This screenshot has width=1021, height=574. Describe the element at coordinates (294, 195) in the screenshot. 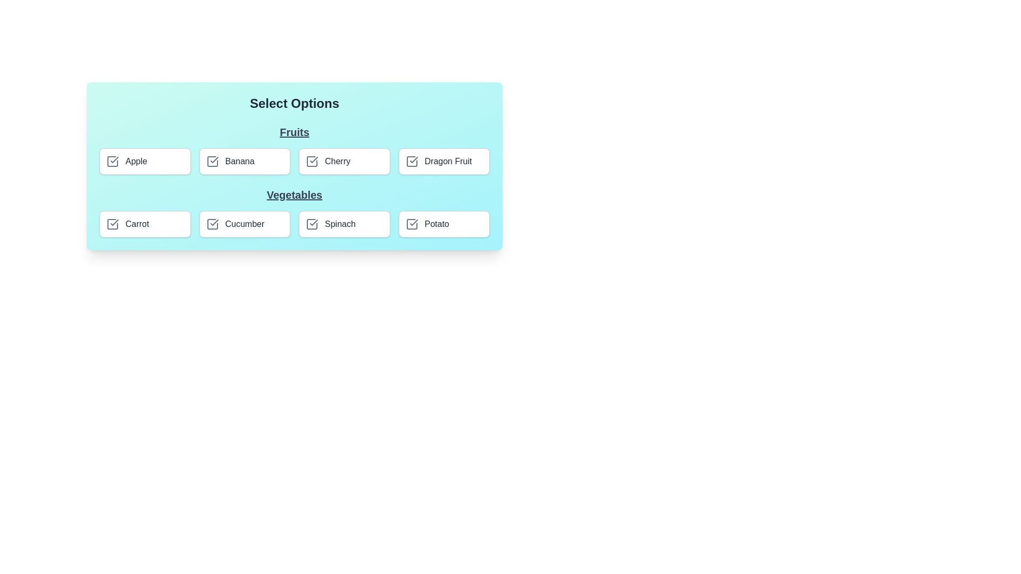

I see `the category header text label indicating 'Vegetables', which is located centrally below the 'Fruits' heading and above the vegetable options grid` at that location.